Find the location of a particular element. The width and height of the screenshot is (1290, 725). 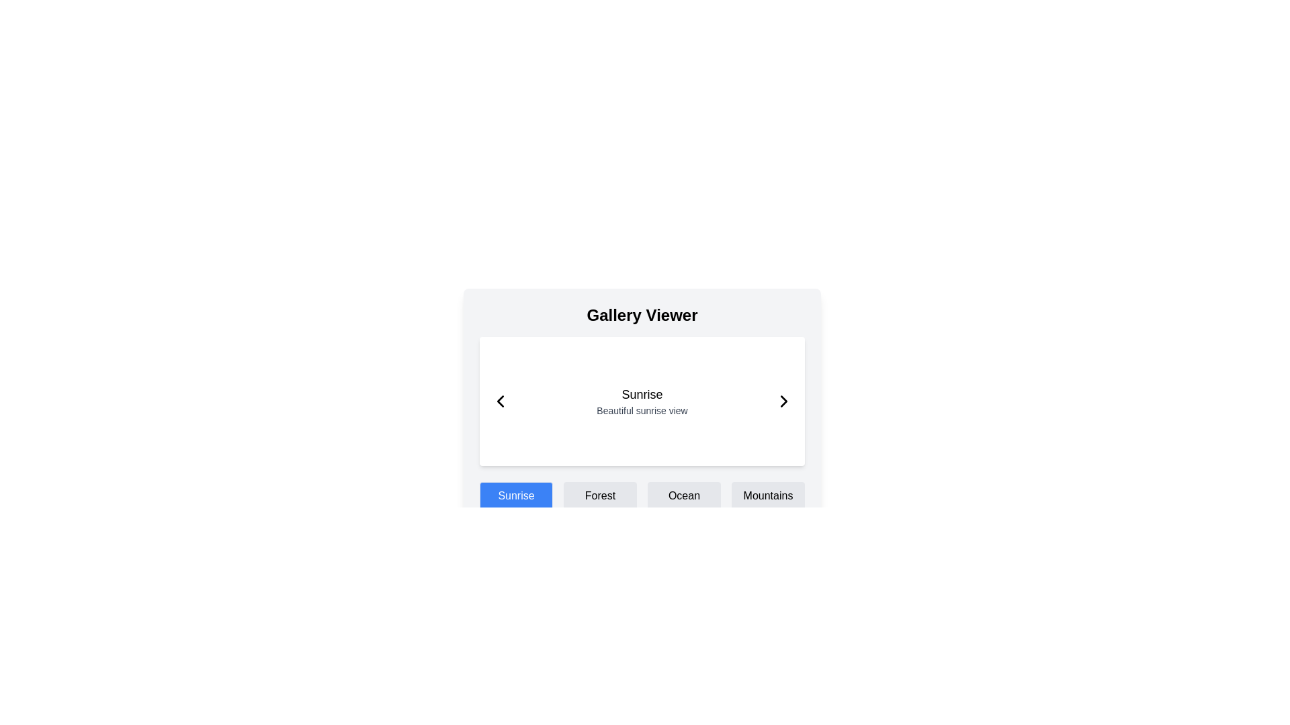

the text label that describes the 'Beautiful sunrise view' positioned directly below the title 'Sunrise' is located at coordinates (641, 410).